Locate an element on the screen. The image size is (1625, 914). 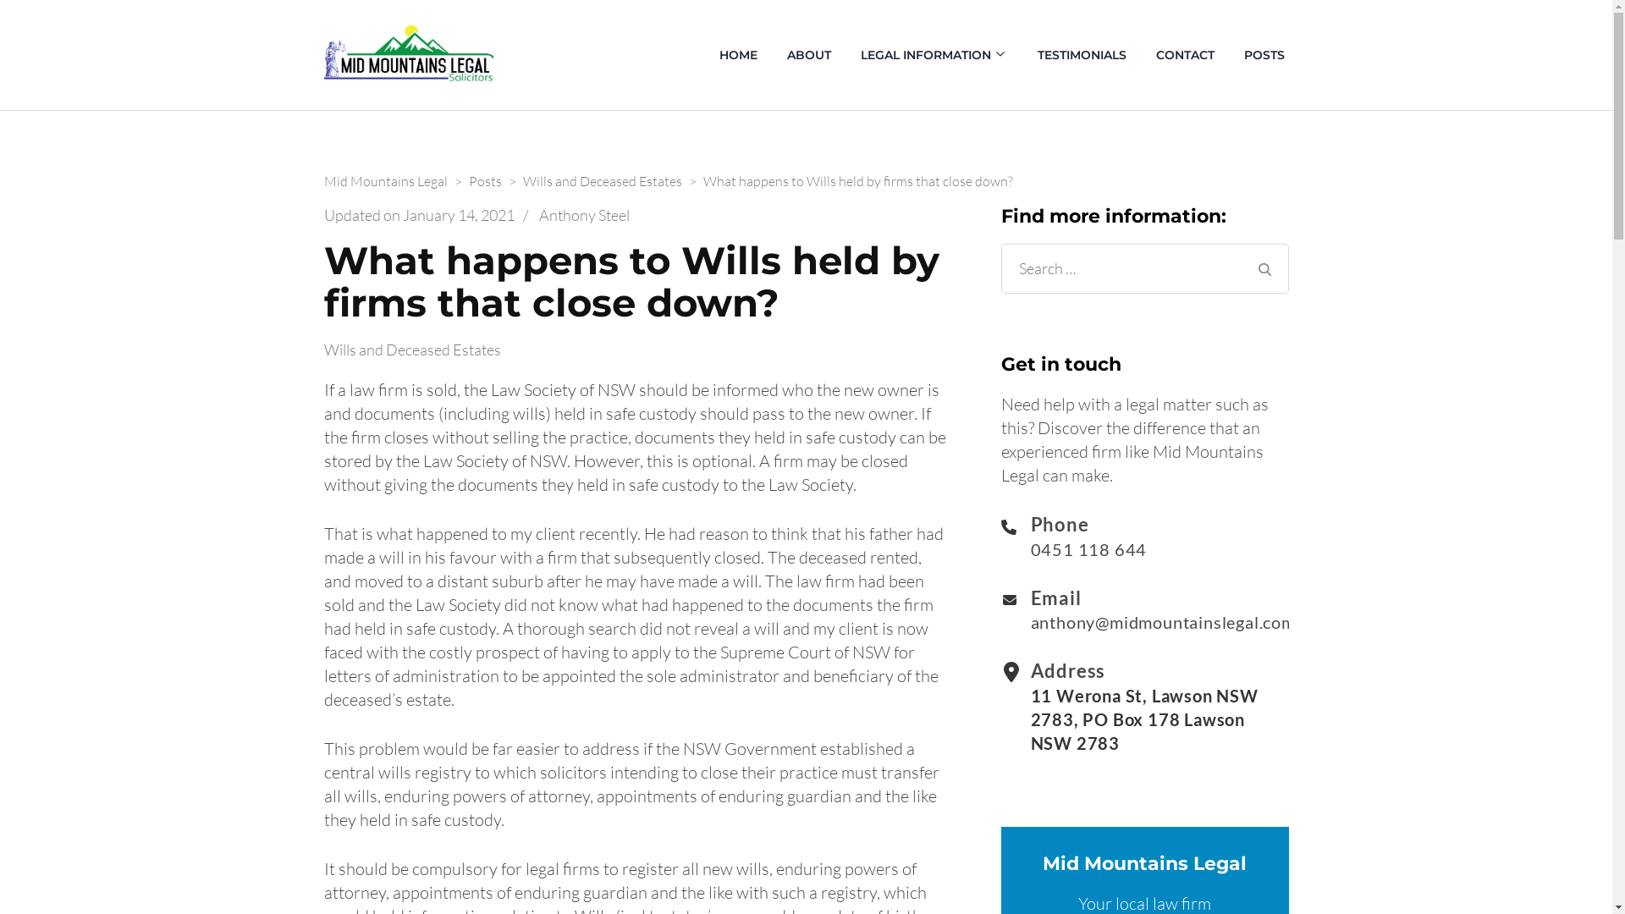
'POSTS' is located at coordinates (1263, 54).